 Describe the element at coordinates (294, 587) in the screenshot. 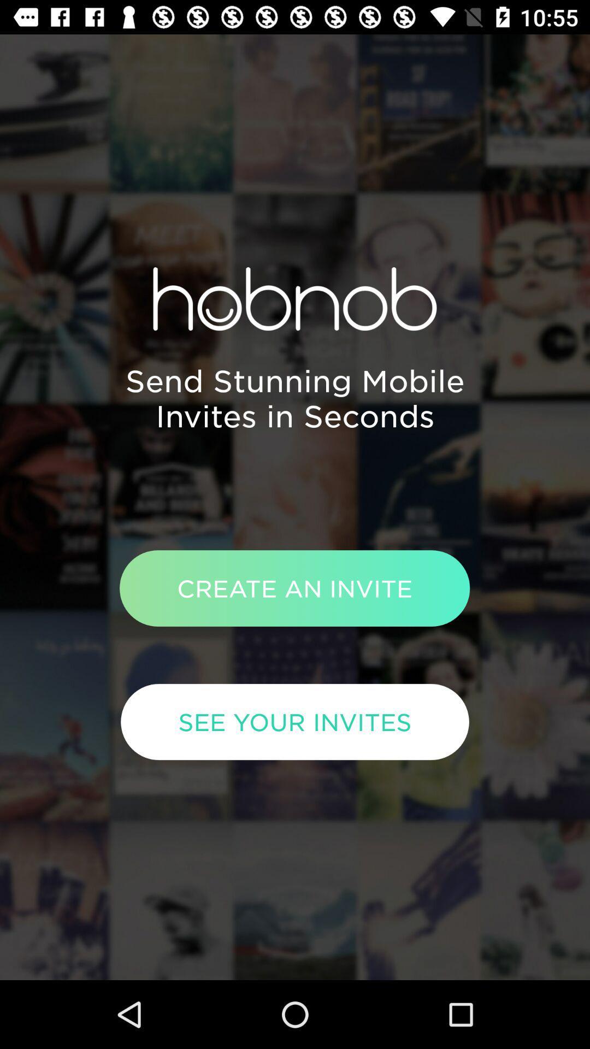

I see `the create an invite item` at that location.